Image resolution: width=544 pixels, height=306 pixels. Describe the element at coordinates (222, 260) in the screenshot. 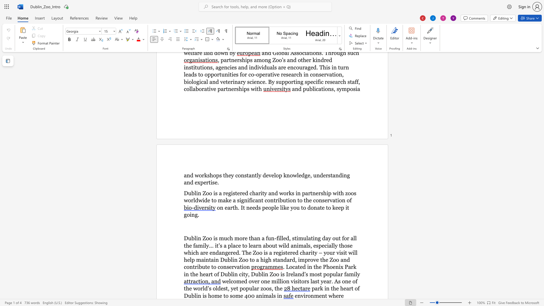

I see `the 1th character "D" in the text` at that location.